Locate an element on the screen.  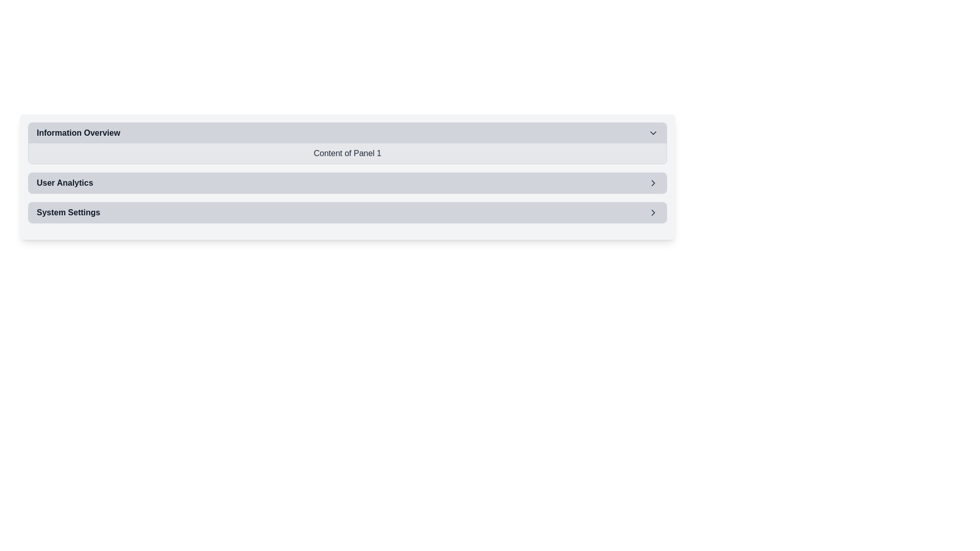
the right-chevron icon located to the right of the 'User Analytics' text section in the collapsible menu to indicate navigation or expansion functionality is located at coordinates (653, 182).